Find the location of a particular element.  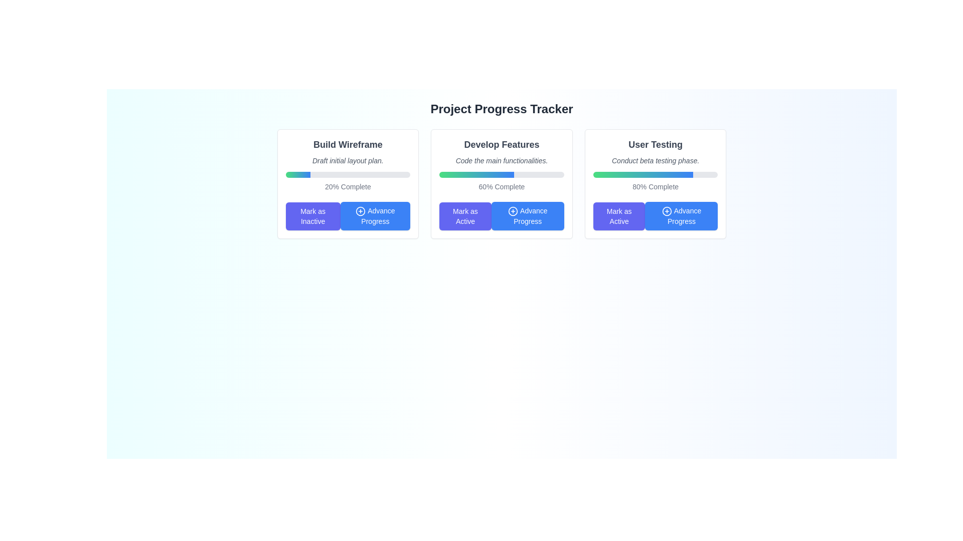

the visual representation of the icon which is a blue circle with a white plus symbol inside, located within the 'Advance Progress' button in the bottom-right corner of the 'Build Wireframe' card is located at coordinates (361, 211).